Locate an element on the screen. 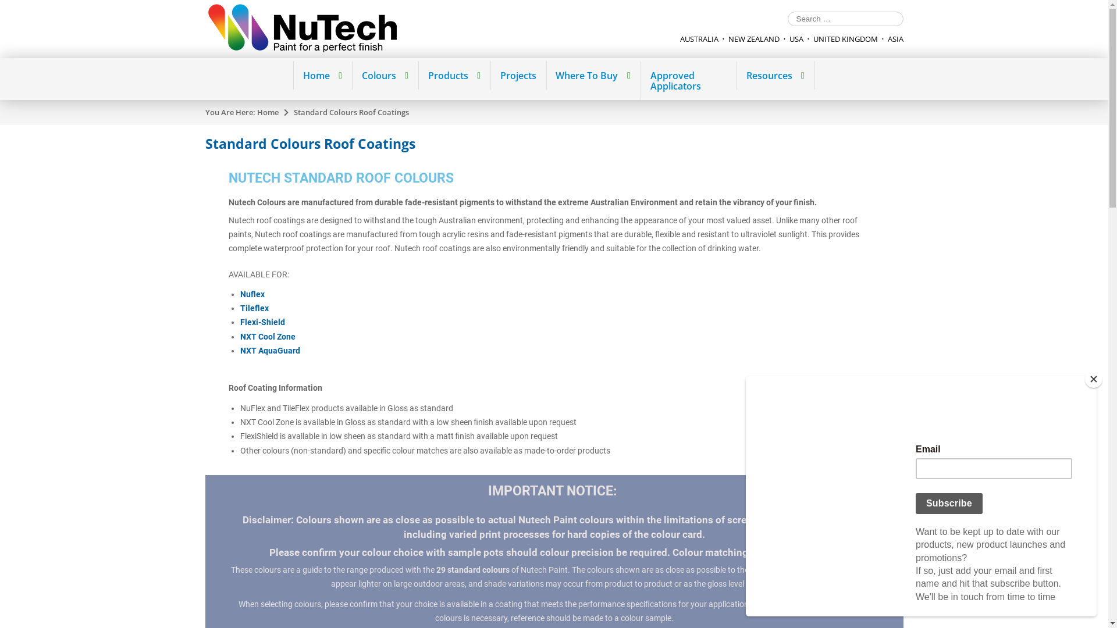 The image size is (1117, 628). 'AUSTRALIA' is located at coordinates (698, 38).